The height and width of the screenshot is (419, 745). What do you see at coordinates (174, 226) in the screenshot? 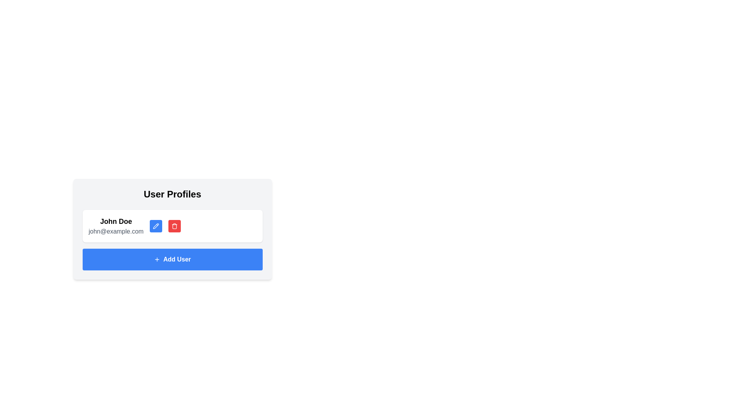
I see `the red button located to the immediate right of the blue pencil button` at bounding box center [174, 226].